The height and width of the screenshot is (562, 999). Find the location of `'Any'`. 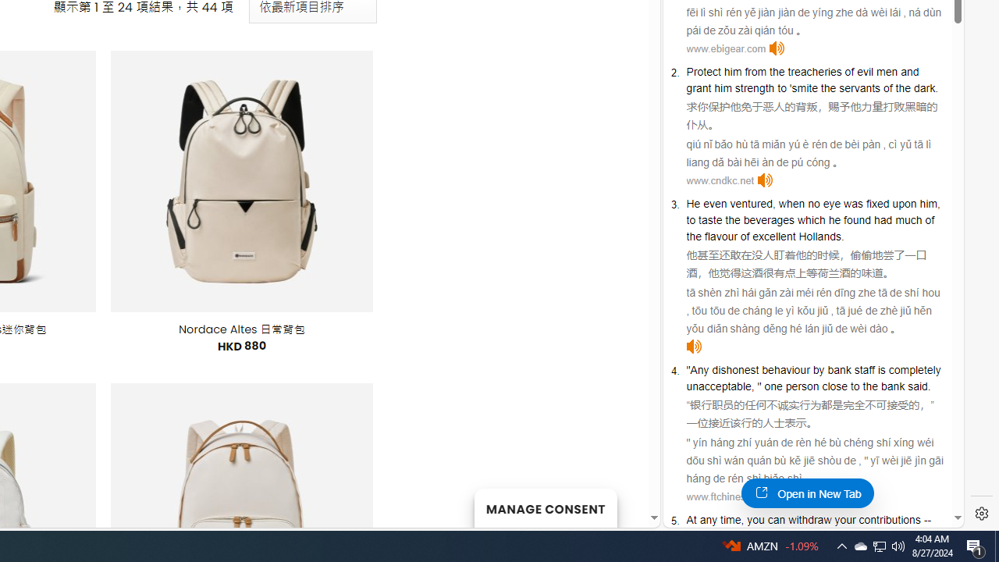

'Any' is located at coordinates (699, 369).